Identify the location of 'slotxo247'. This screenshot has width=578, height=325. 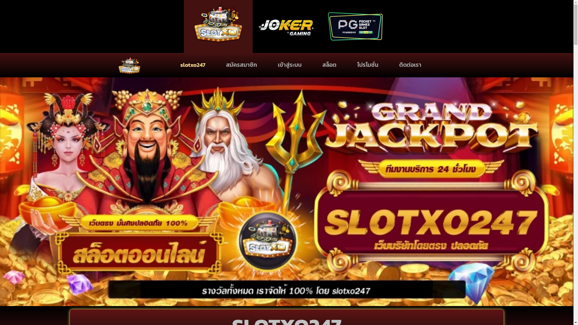
(193, 65).